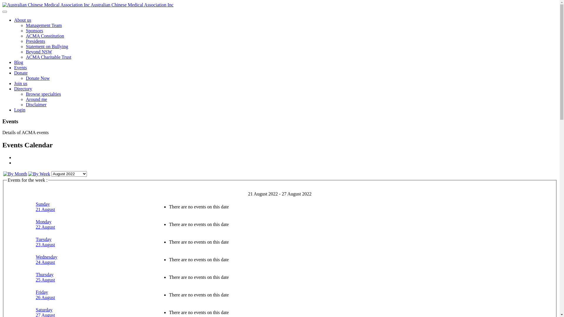  What do you see at coordinates (14, 110) in the screenshot?
I see `'Login'` at bounding box center [14, 110].